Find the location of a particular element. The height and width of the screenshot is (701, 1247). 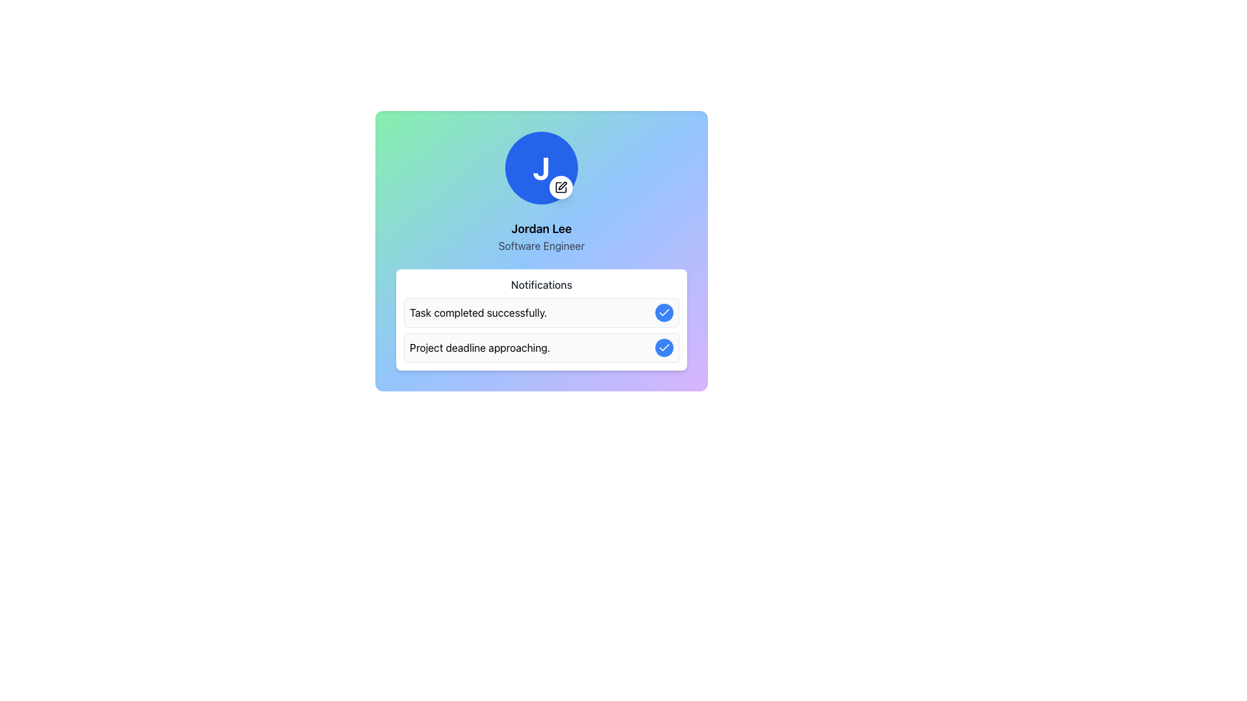

the icon that marks the second notification as completed or acknowledged, located on the right side of the second notification item in the list under the 'Notifications' header is located at coordinates (664, 347).